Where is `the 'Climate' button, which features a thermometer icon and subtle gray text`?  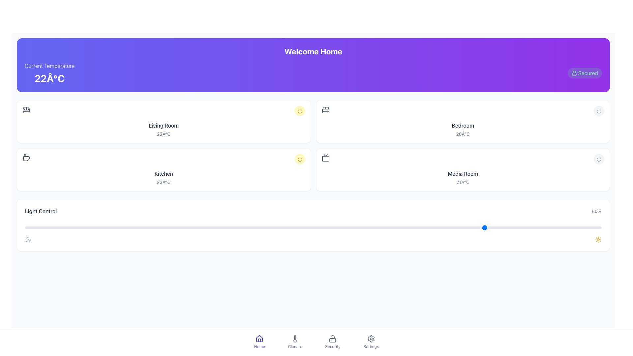
the 'Climate' button, which features a thermometer icon and subtle gray text is located at coordinates (295, 341).